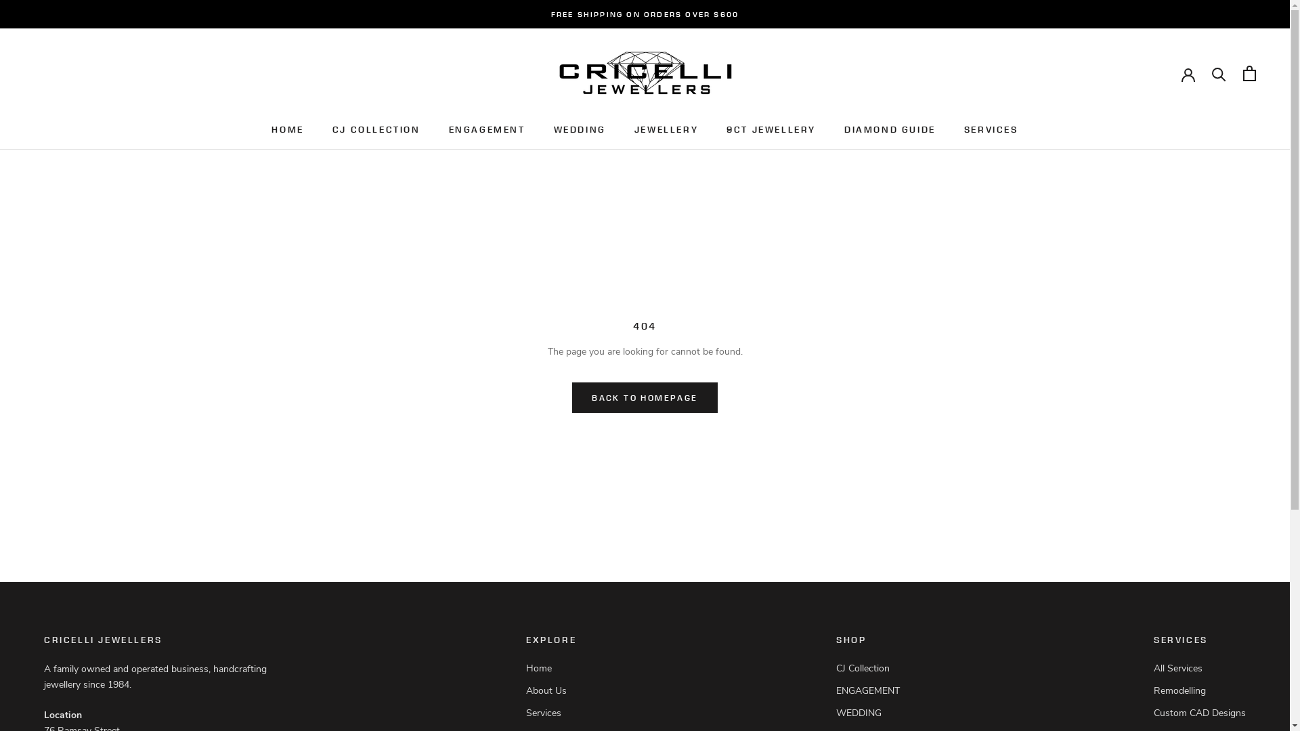 The width and height of the screenshot is (1300, 731). Describe the element at coordinates (835, 667) in the screenshot. I see `'CJ Collection'` at that location.